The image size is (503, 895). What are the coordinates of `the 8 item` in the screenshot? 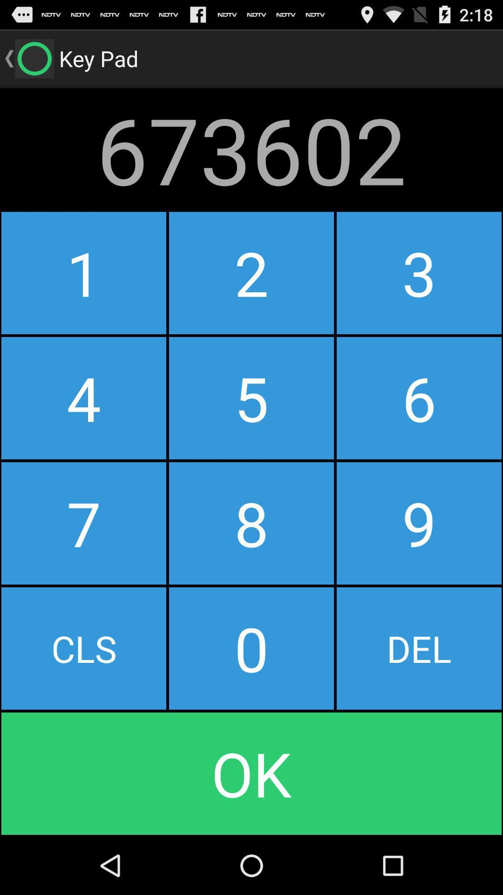 It's located at (251, 523).